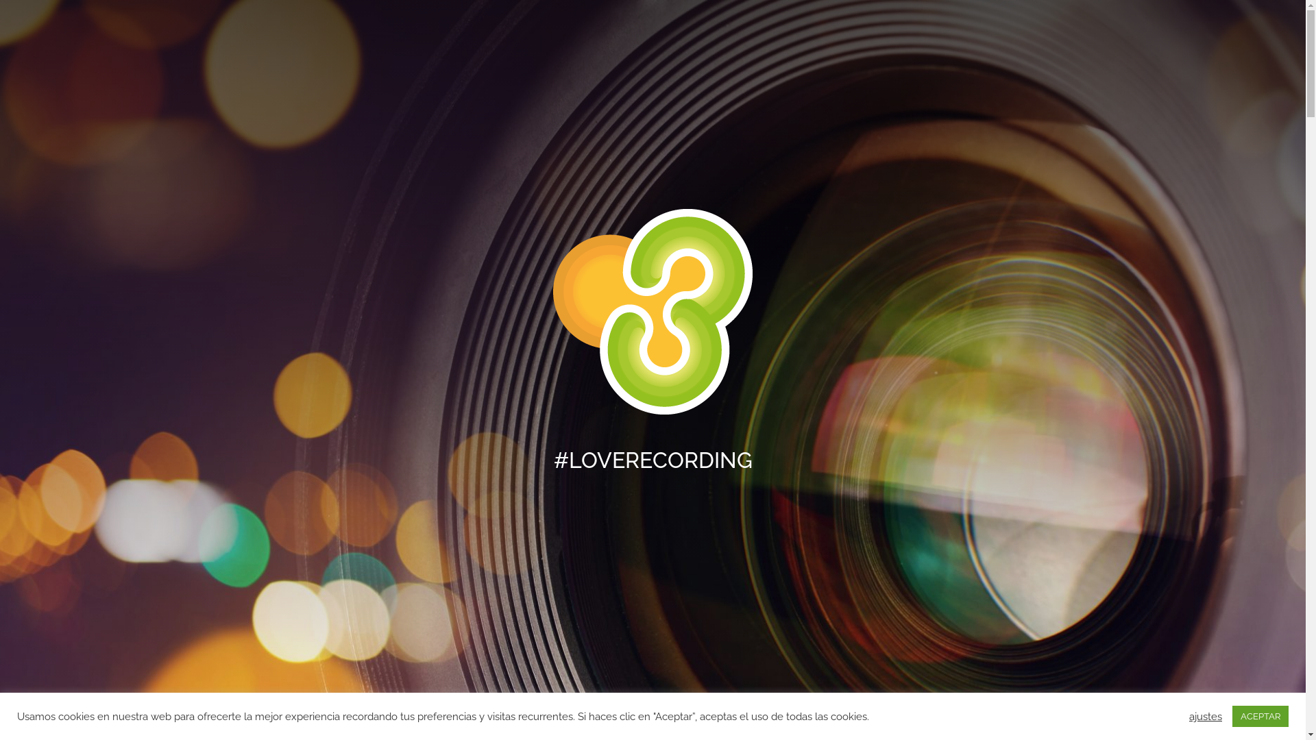 This screenshot has width=1316, height=740. I want to click on '"', so click(651, 708).